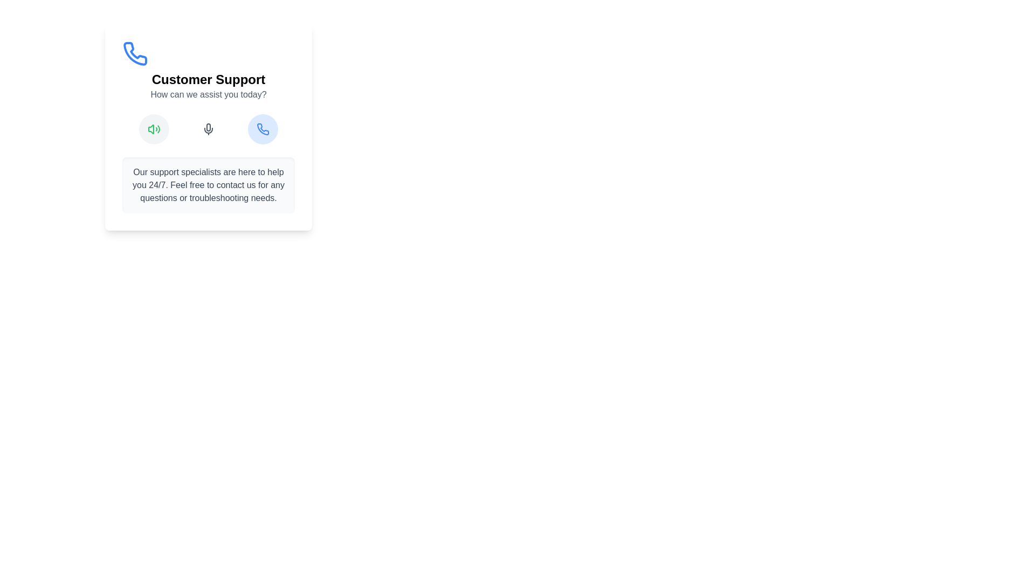 This screenshot has height=582, width=1035. What do you see at coordinates (263, 128) in the screenshot?
I see `the blue SVG phone icon located at the top-left corner of the 'Customer Support' card, positioned above the text 'Customer Support'` at bounding box center [263, 128].